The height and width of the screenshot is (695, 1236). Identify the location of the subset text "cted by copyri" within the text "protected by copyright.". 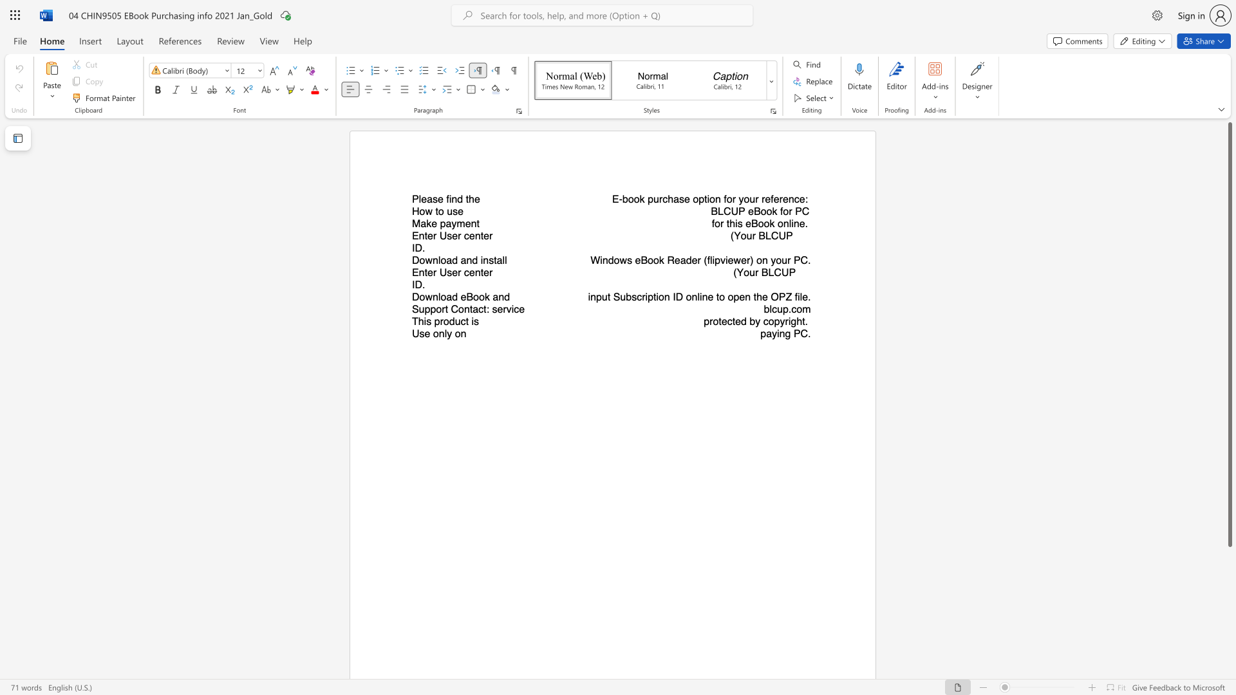
(727, 320).